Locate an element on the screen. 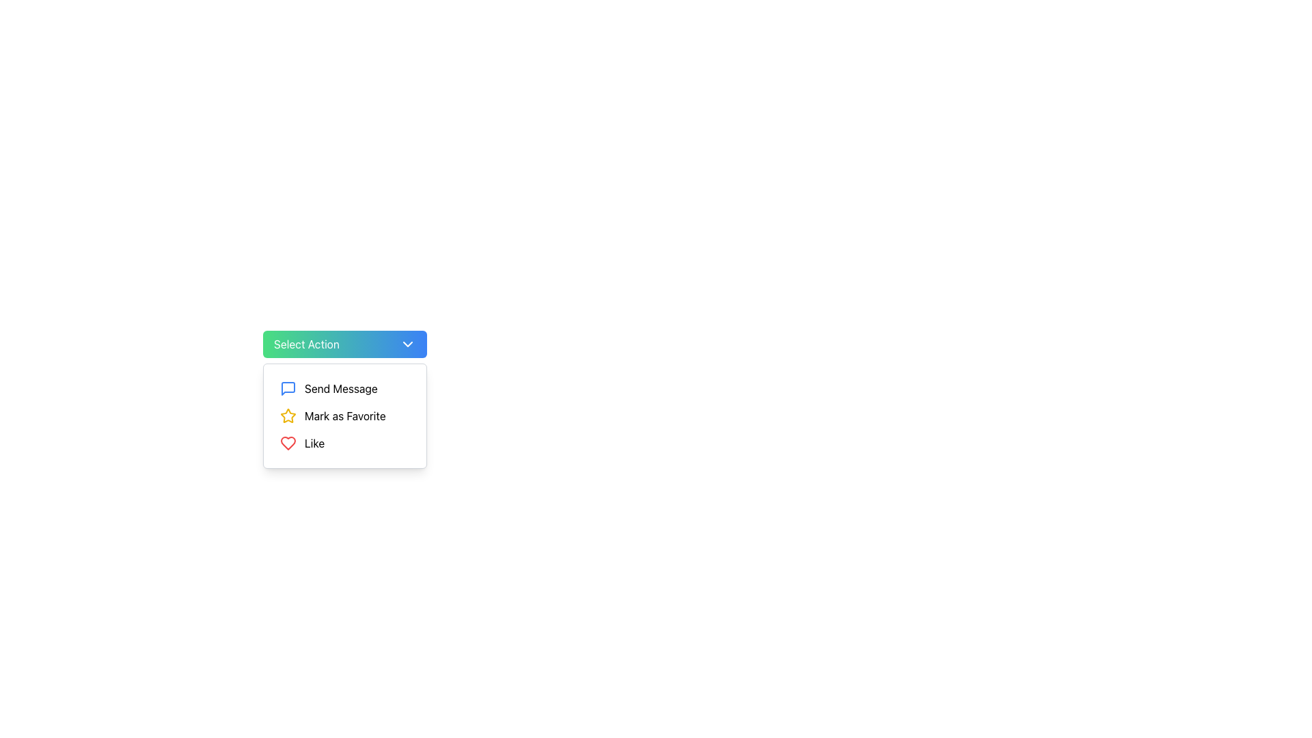 The width and height of the screenshot is (1312, 738). the 'Mark as Favorite' menu item that features a yellow star icon on the left, located in the middle of the dropdown menu between 'Send Message' and 'Like' is located at coordinates (344, 415).